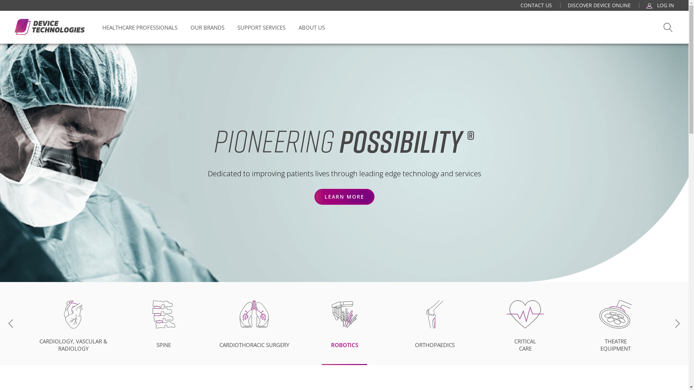 This screenshot has width=694, height=390. What do you see at coordinates (520, 5) in the screenshot?
I see `'CONTACT US'` at bounding box center [520, 5].